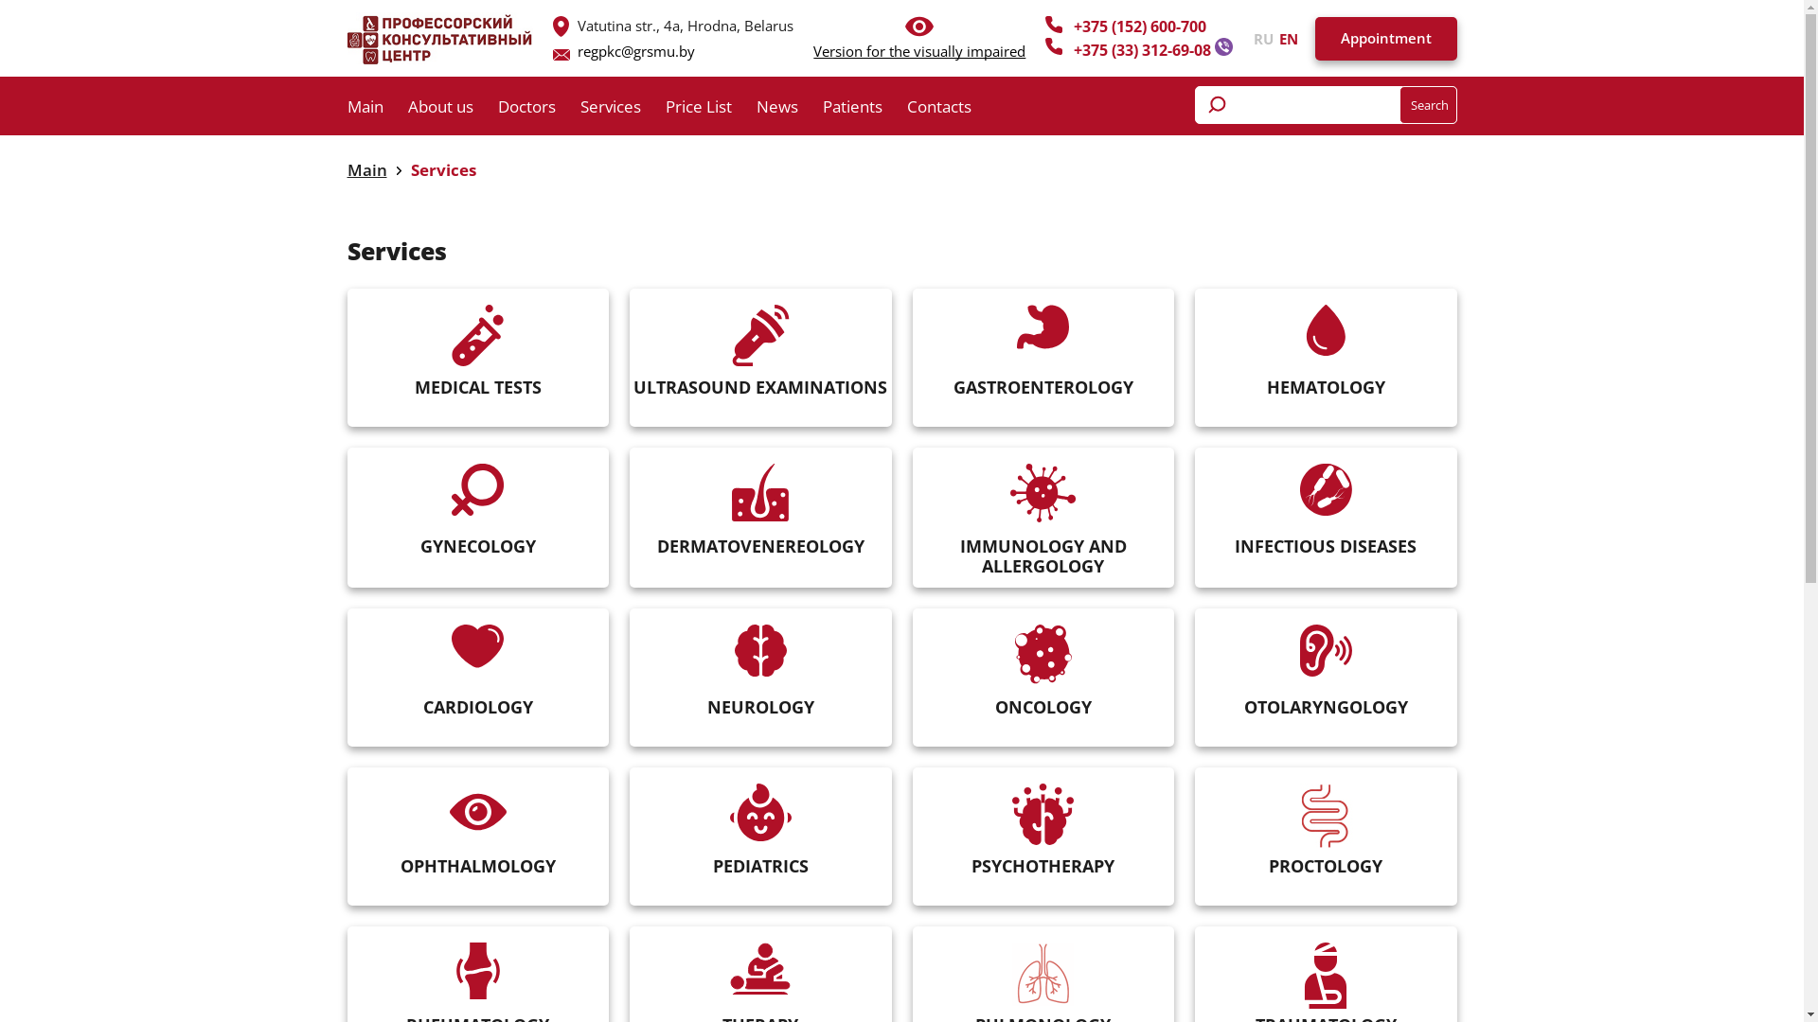 The width and height of the screenshot is (1818, 1022). I want to click on 'Services', so click(622, 110).